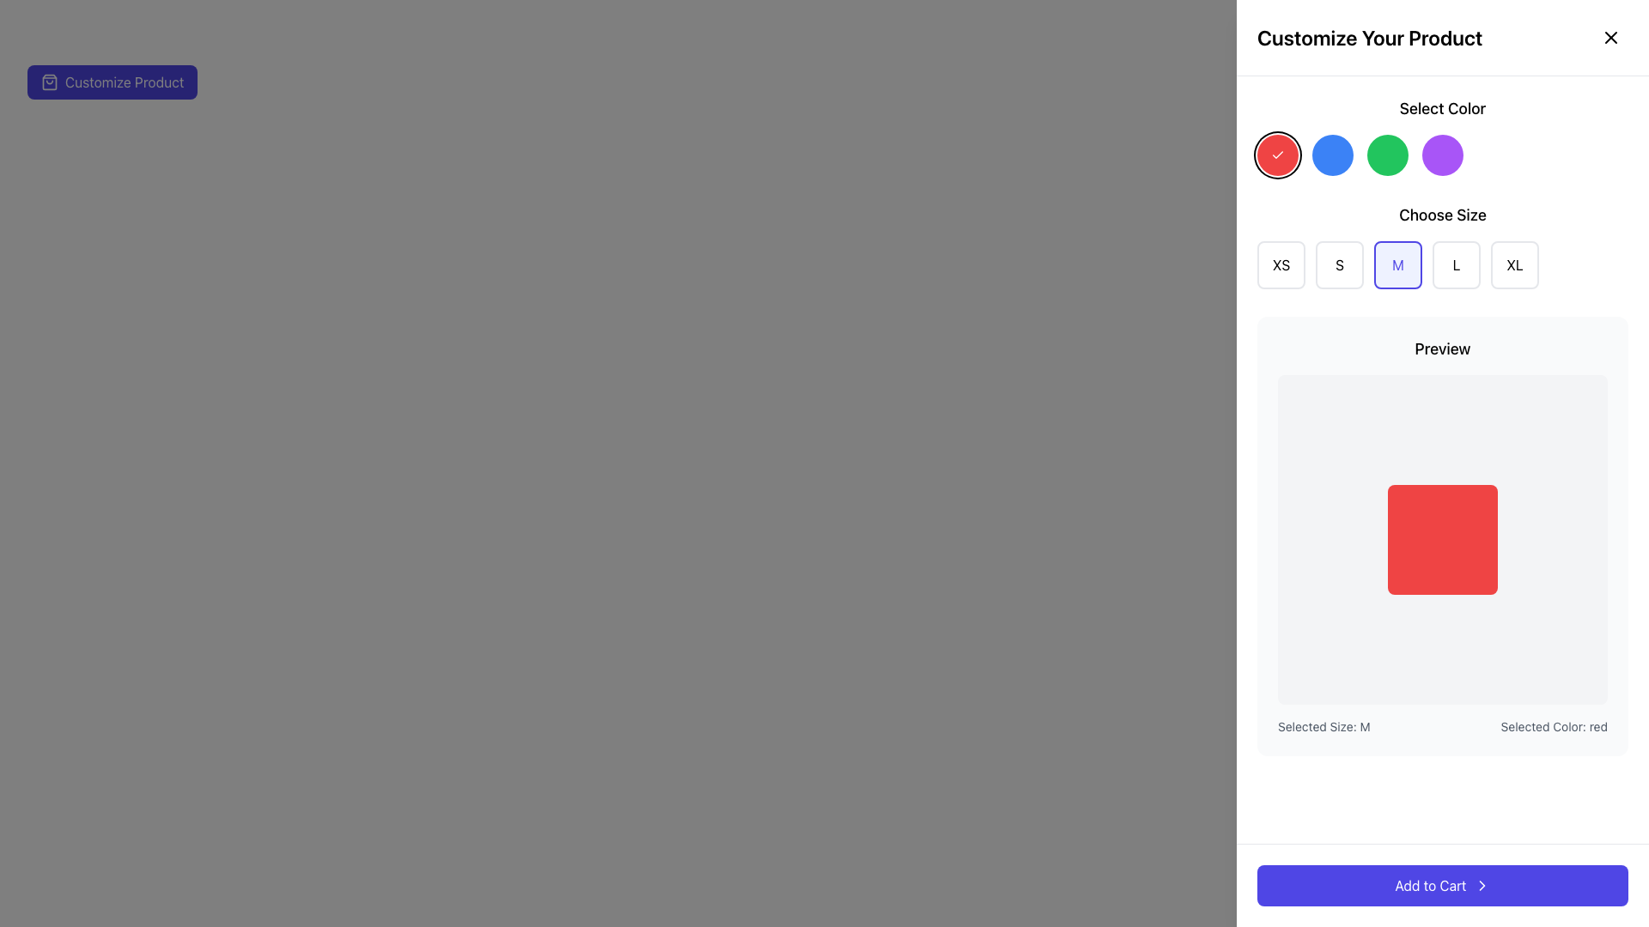 This screenshot has width=1649, height=927. Describe the element at coordinates (49, 82) in the screenshot. I see `the shopping bag icon within the 'Customize Product' button, which is located in the upper-left region of the interface` at that location.